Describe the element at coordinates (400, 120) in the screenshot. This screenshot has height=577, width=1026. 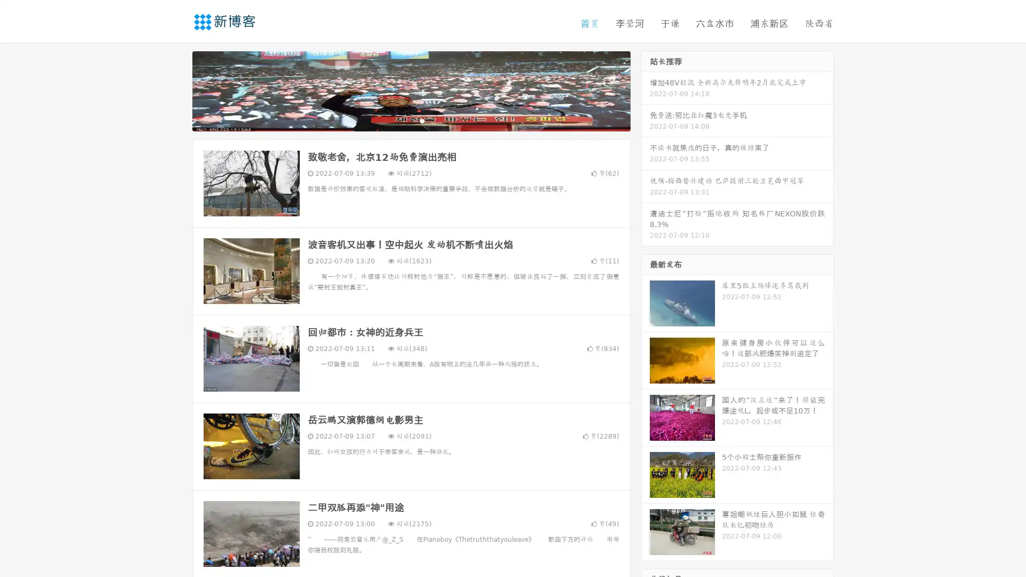
I see `Go to slide 1` at that location.